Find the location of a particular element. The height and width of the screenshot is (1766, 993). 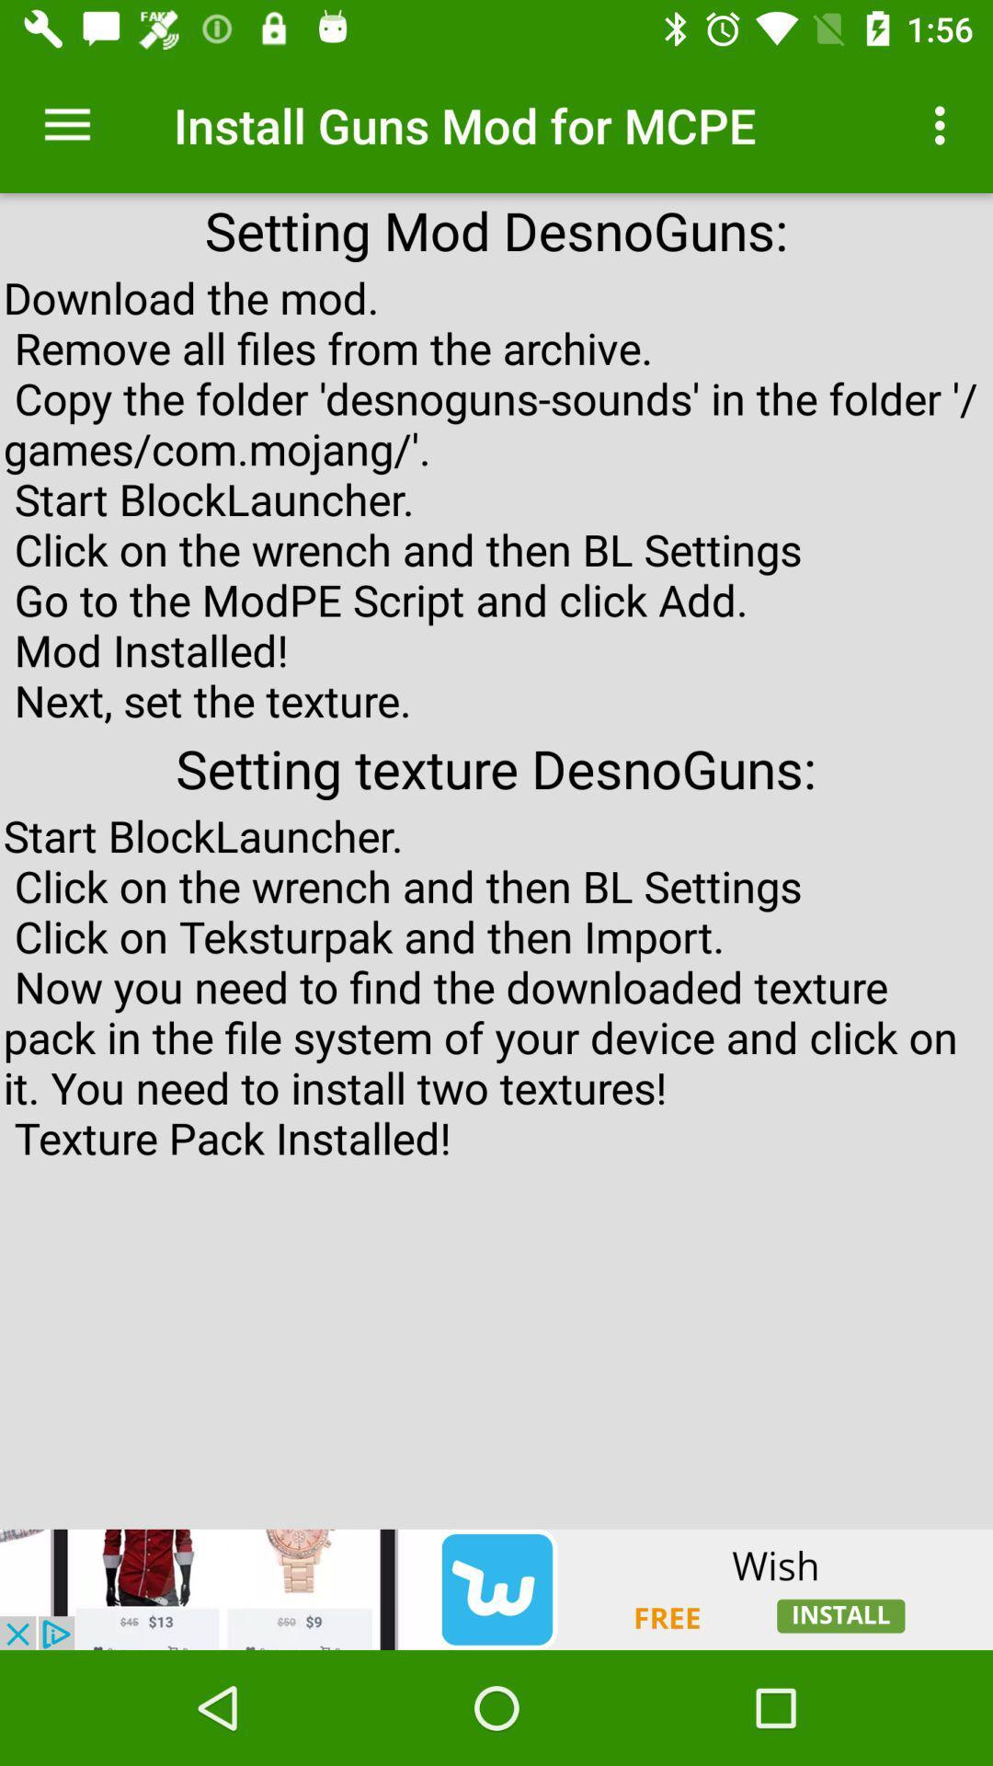

advertisements website is located at coordinates (496, 1588).